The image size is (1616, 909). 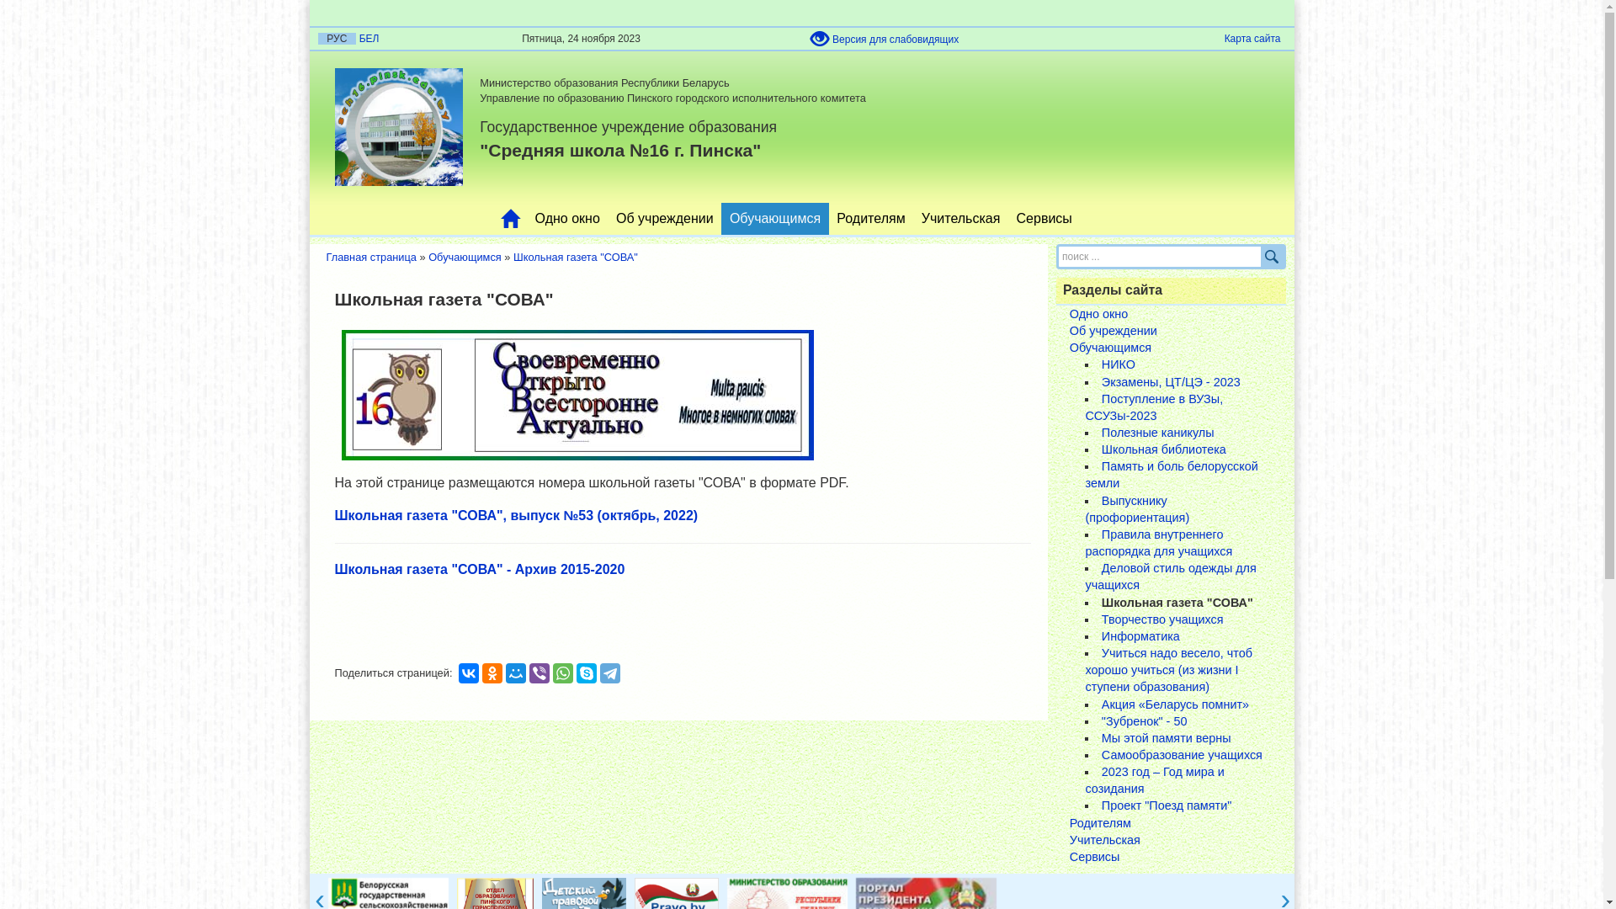 I want to click on 'Viber', so click(x=540, y=672).